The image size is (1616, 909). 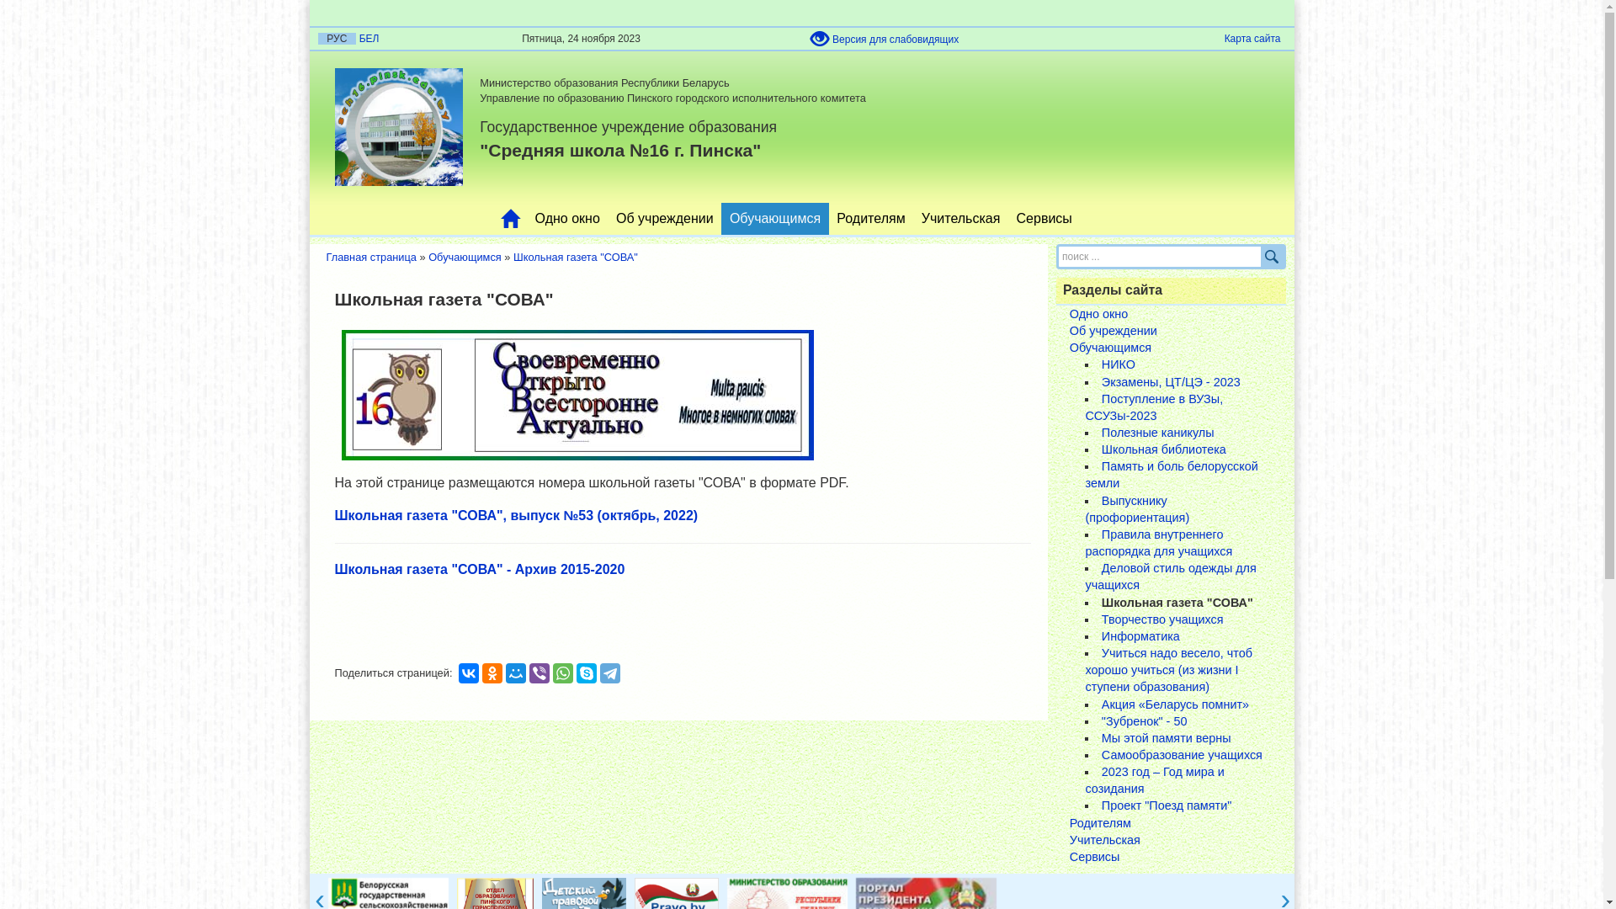 I want to click on 'Viber', so click(x=540, y=672).